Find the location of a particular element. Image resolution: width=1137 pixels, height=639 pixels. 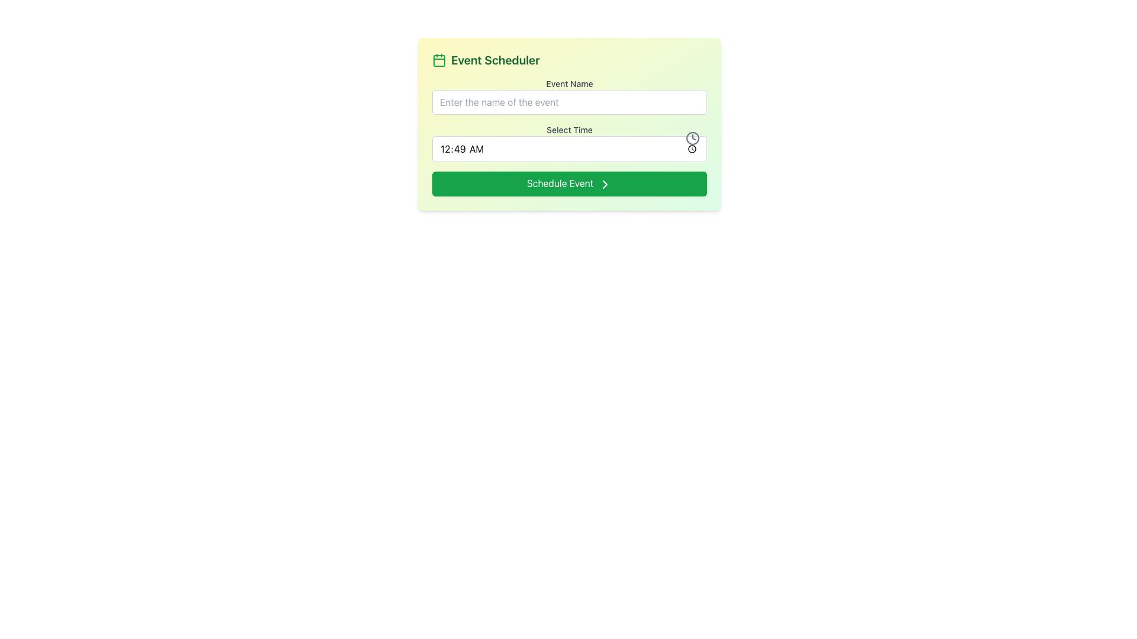

the time selection icon located at the top-right corner of the time input field, which indicates time-related functionalities is located at coordinates (693, 138).